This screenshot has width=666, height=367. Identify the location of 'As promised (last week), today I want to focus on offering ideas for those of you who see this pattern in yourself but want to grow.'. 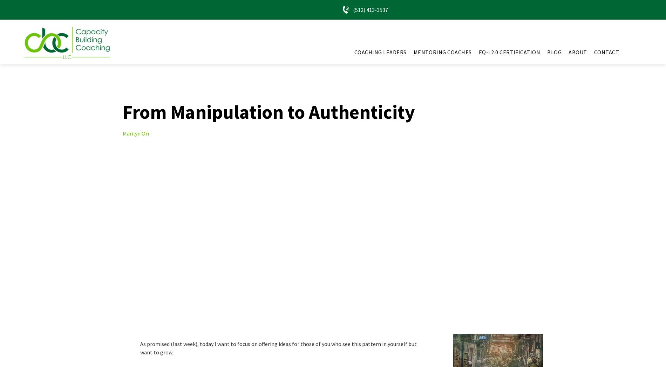
(278, 348).